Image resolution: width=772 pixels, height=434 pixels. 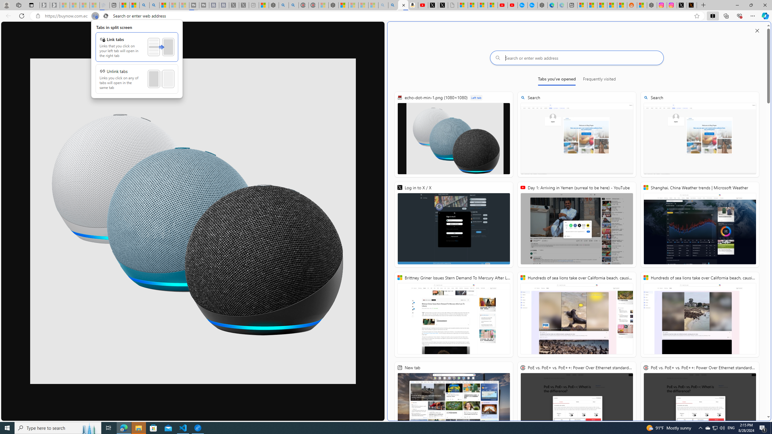 I want to click on 'Nordace - Nordace Siena Is Not An Ordinary Backpack', so click(x=333, y=5).